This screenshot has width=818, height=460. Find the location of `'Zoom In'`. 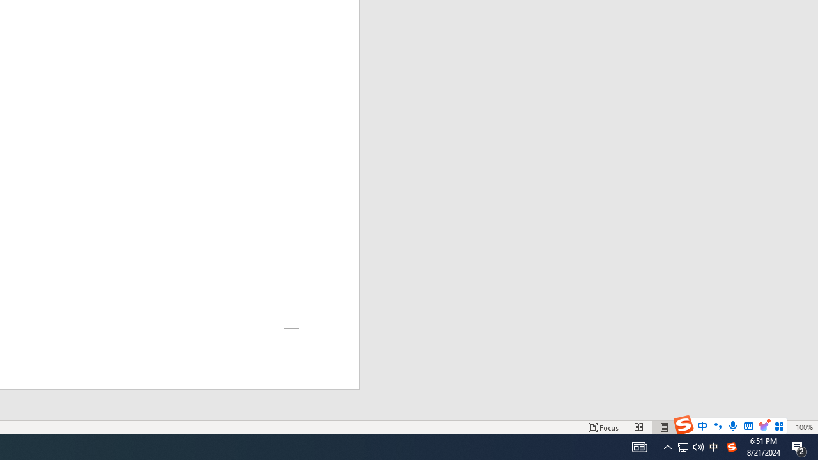

'Zoom In' is located at coordinates (783, 427).